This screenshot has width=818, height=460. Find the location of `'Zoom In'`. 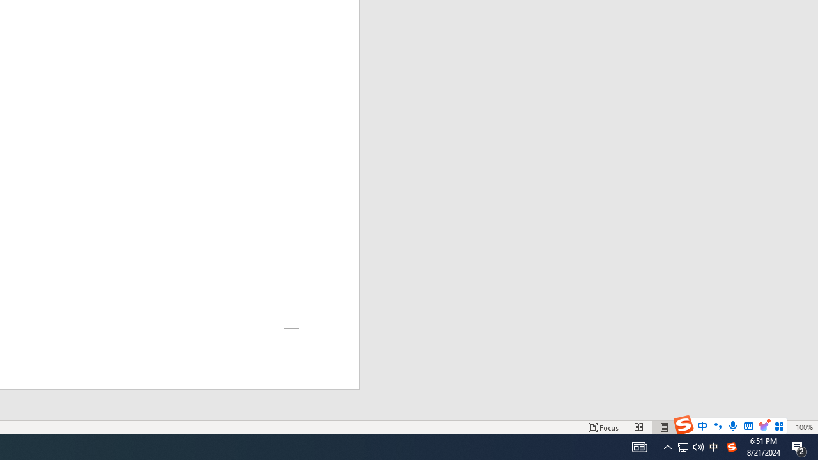

'Zoom In' is located at coordinates (783, 427).